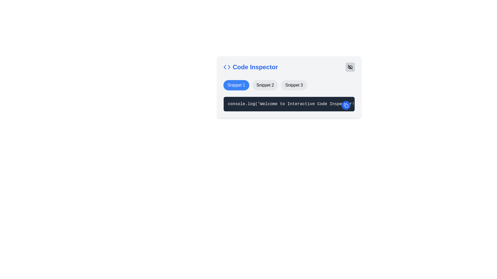 Image resolution: width=497 pixels, height=279 pixels. What do you see at coordinates (289, 104) in the screenshot?
I see `the code snippet block that displays the code 'console.log('Welcome to Interactive Code Inspector!');', which has a dark theme background and a circular blue copy button at the top-right corner` at bounding box center [289, 104].